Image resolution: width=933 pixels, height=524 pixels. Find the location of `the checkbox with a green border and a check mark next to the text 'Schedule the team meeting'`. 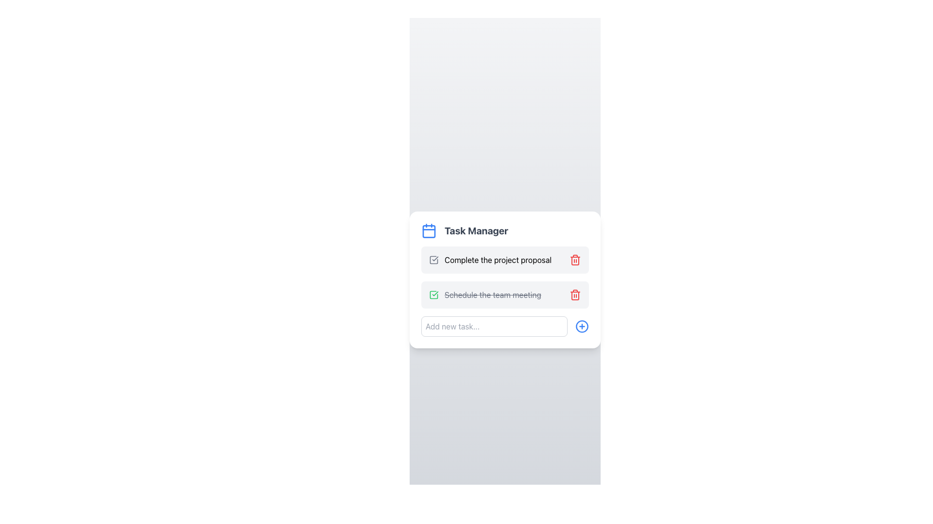

the checkbox with a green border and a check mark next to the text 'Schedule the team meeting' is located at coordinates (433, 295).